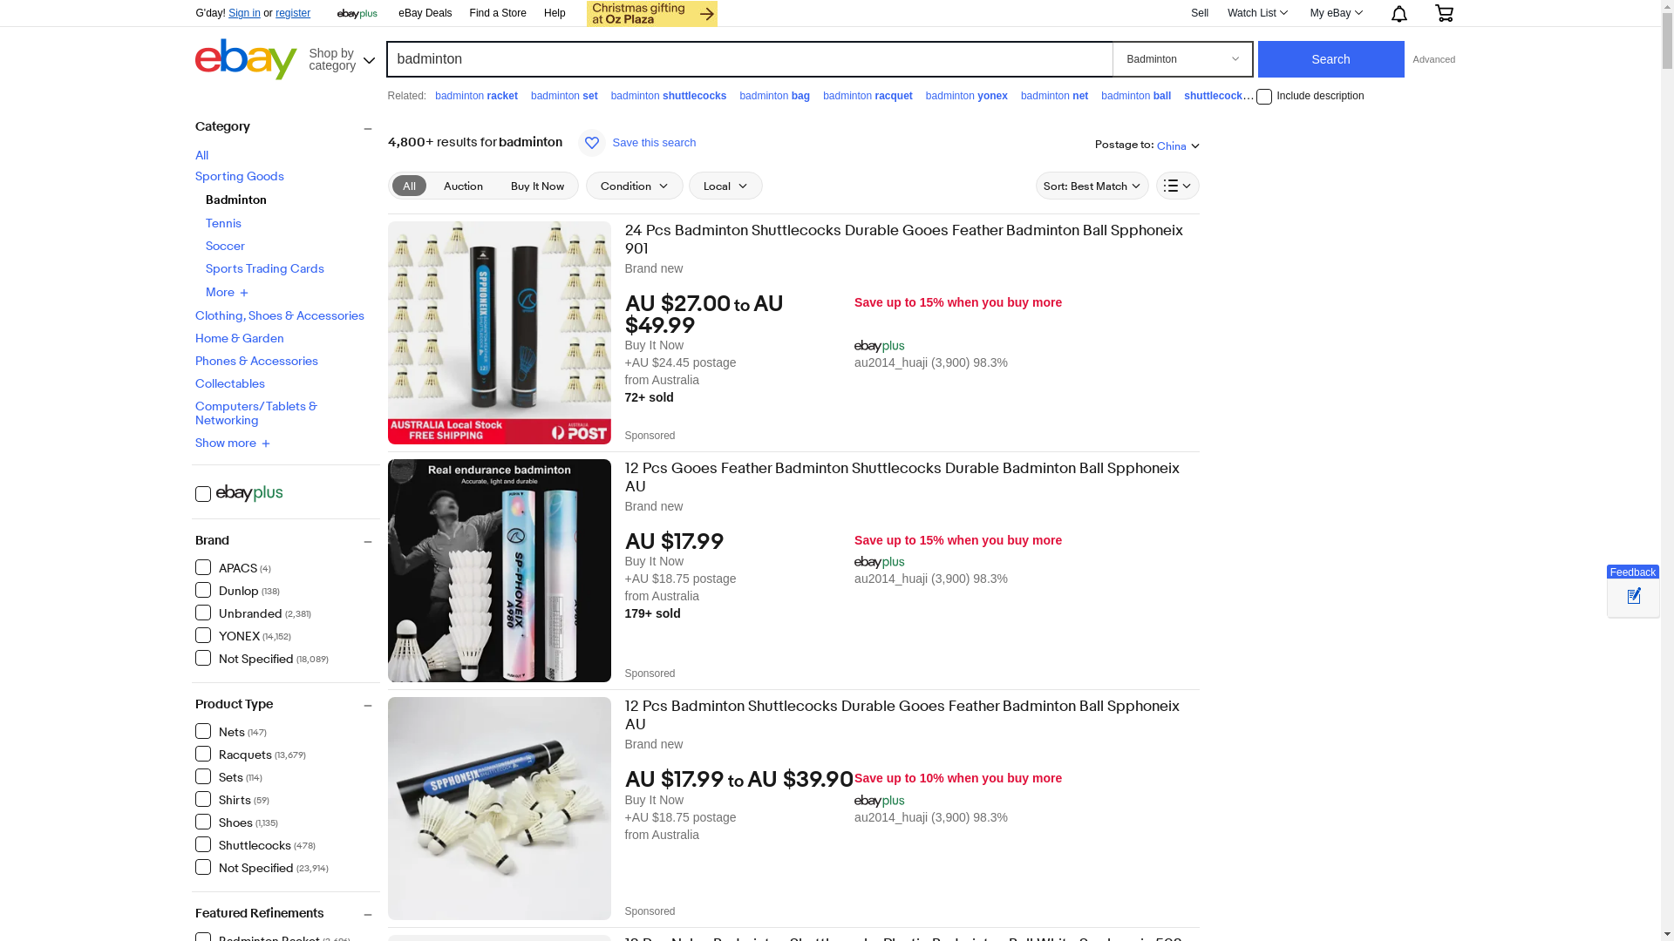  Describe the element at coordinates (275, 13) in the screenshot. I see `'register'` at that location.